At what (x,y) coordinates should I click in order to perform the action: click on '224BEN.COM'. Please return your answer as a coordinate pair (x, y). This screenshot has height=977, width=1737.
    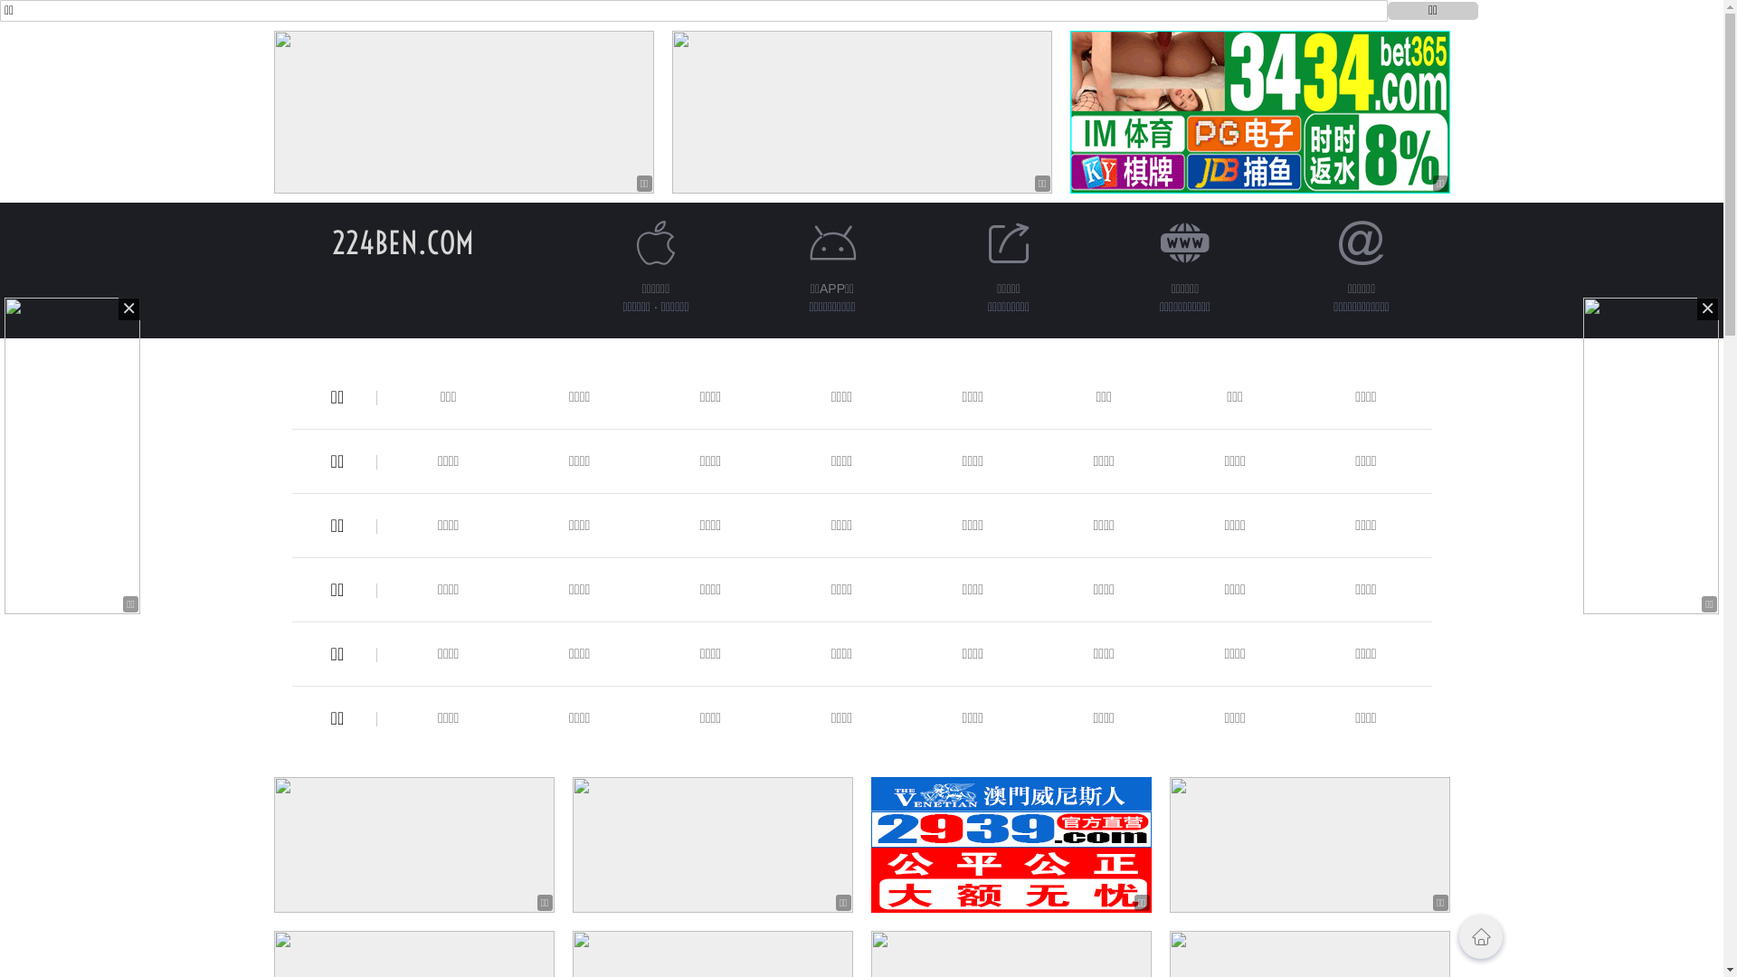
    Looking at the image, I should click on (402, 242).